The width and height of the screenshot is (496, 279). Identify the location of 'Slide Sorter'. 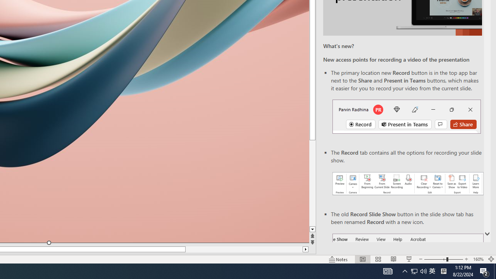
(378, 259).